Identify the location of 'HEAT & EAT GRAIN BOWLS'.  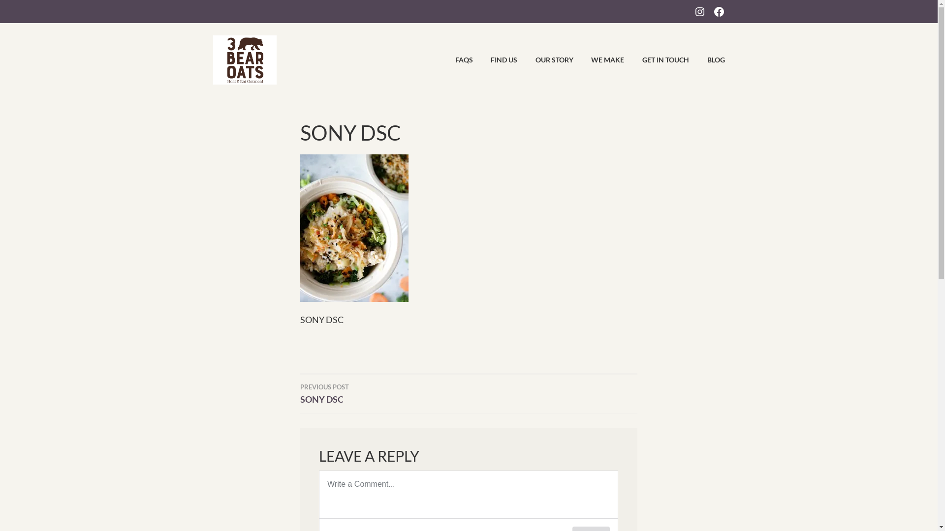
(413, 45).